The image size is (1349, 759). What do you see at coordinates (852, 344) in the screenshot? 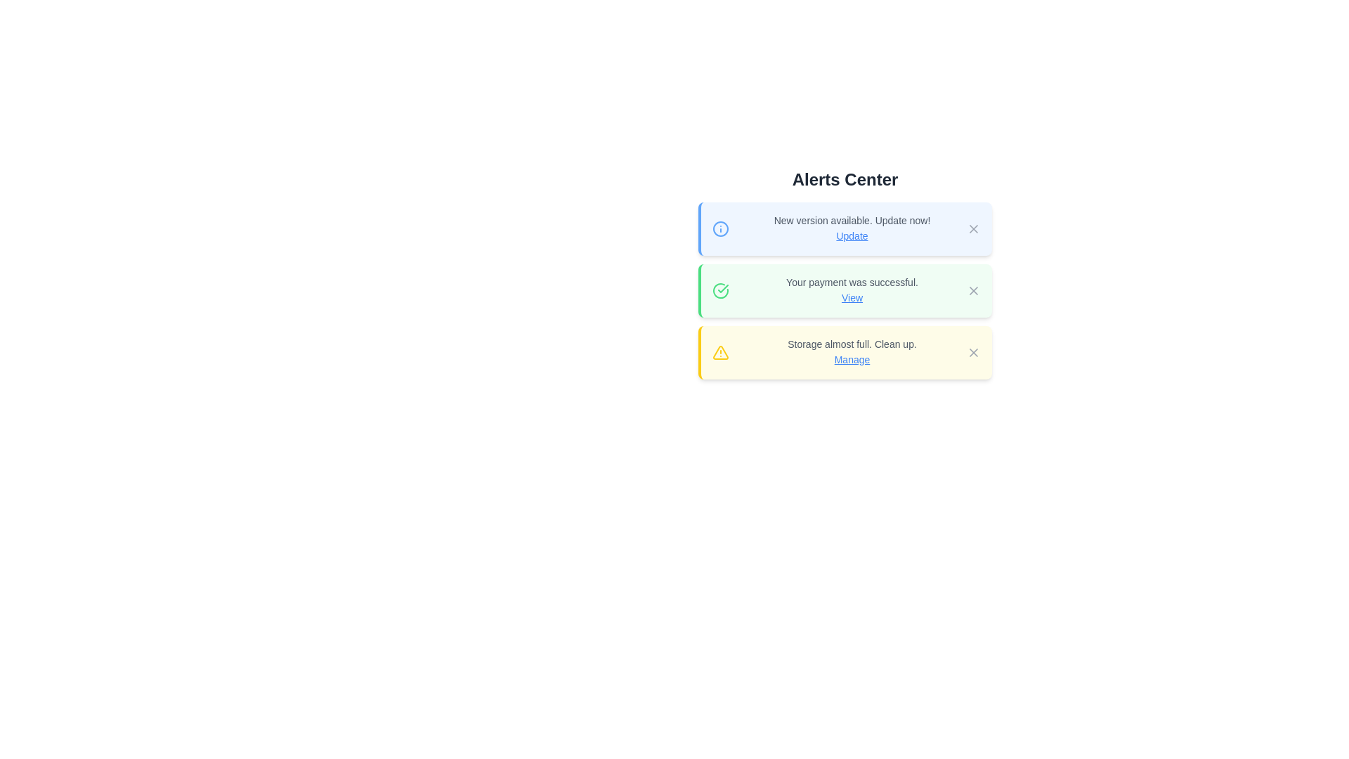
I see `the notification message in the third alert box of the 'Alerts Center' interface, which informs the user about storage status and suggests an action` at bounding box center [852, 344].